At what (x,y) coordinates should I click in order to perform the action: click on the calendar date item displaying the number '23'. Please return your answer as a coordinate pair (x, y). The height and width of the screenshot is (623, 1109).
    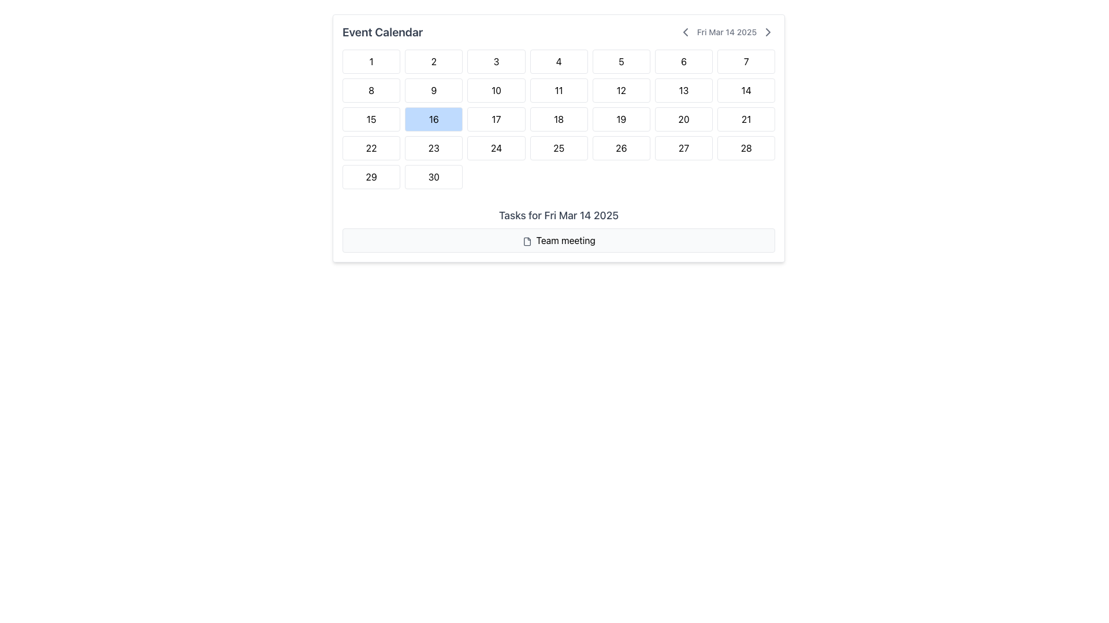
    Looking at the image, I should click on (433, 148).